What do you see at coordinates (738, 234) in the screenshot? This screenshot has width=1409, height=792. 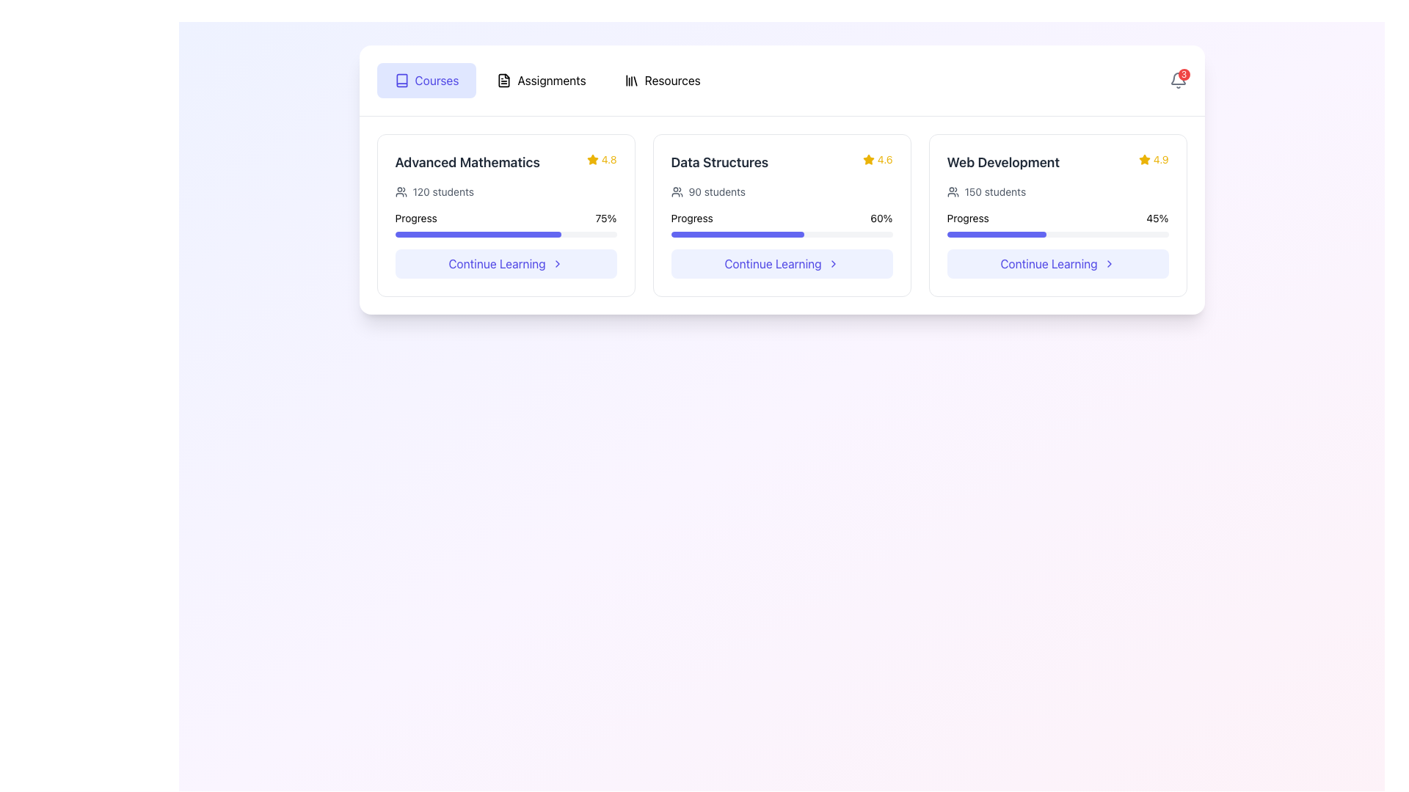 I see `the 60% progress segment of the progress bar within the 'Data Structures' course card, which is the middle card among the displayed courses` at bounding box center [738, 234].